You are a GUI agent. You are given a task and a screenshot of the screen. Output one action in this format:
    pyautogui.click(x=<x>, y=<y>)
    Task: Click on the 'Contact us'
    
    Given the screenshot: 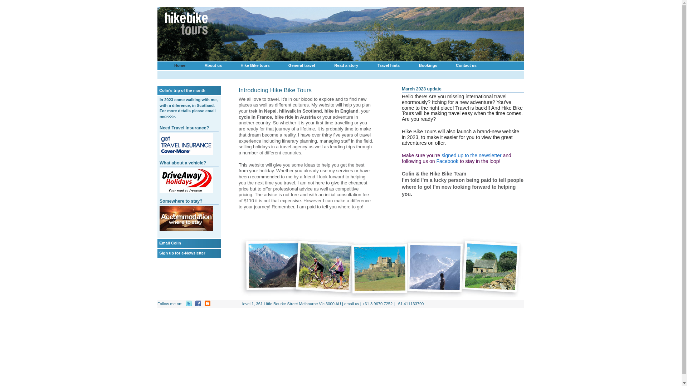 What is the action you would take?
    pyautogui.click(x=466, y=65)
    